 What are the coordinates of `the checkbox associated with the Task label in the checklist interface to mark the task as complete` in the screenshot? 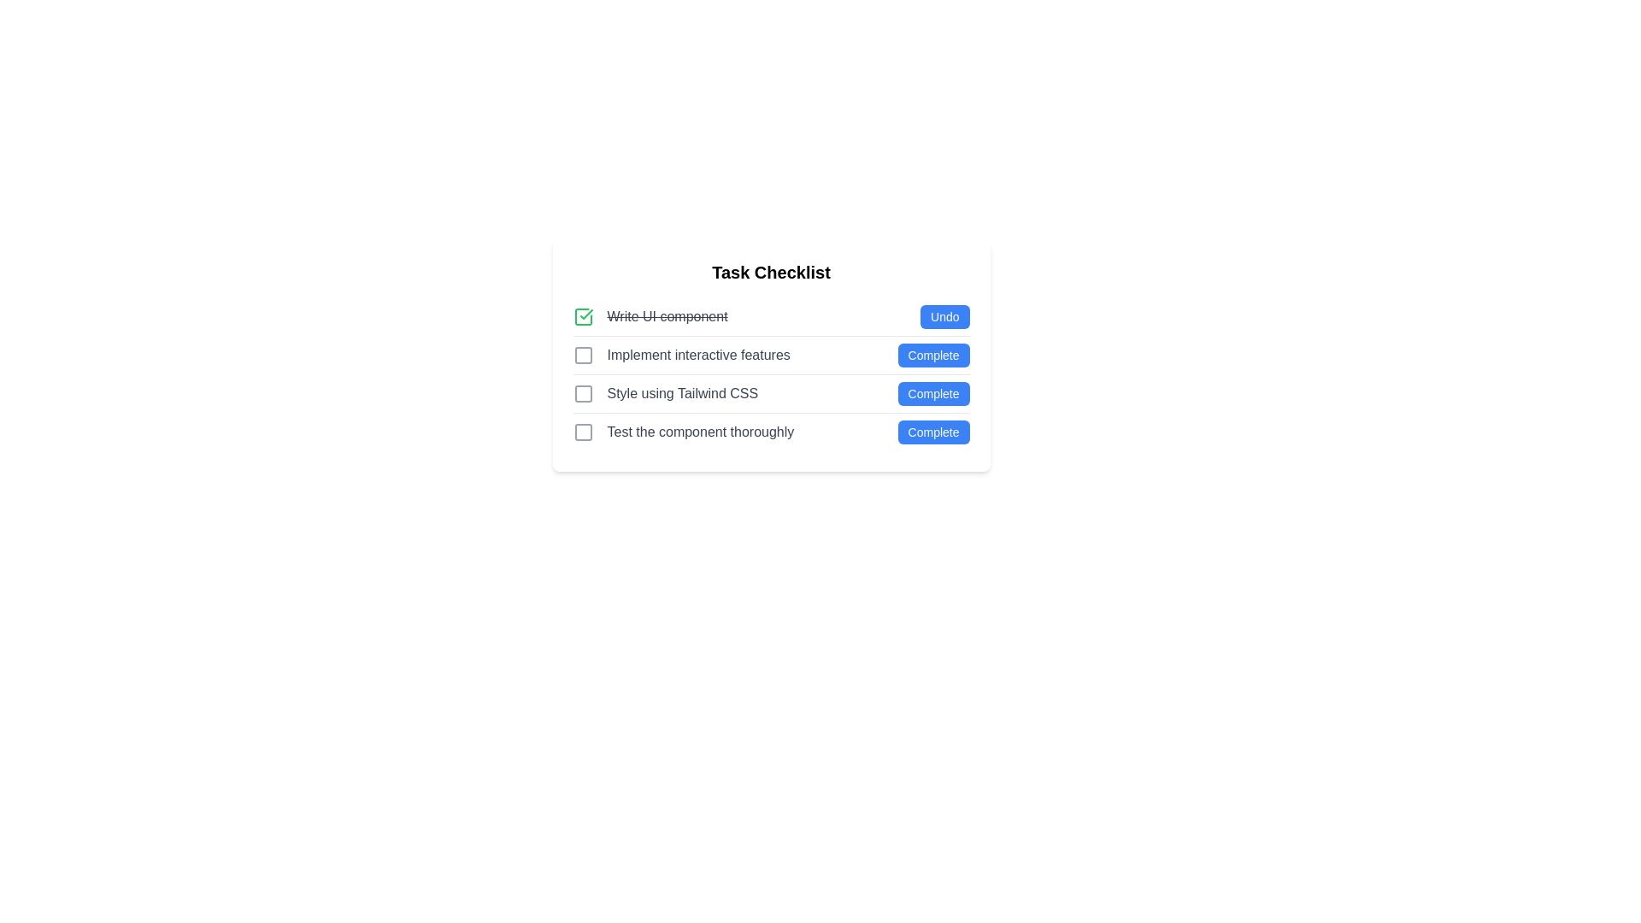 It's located at (682, 431).